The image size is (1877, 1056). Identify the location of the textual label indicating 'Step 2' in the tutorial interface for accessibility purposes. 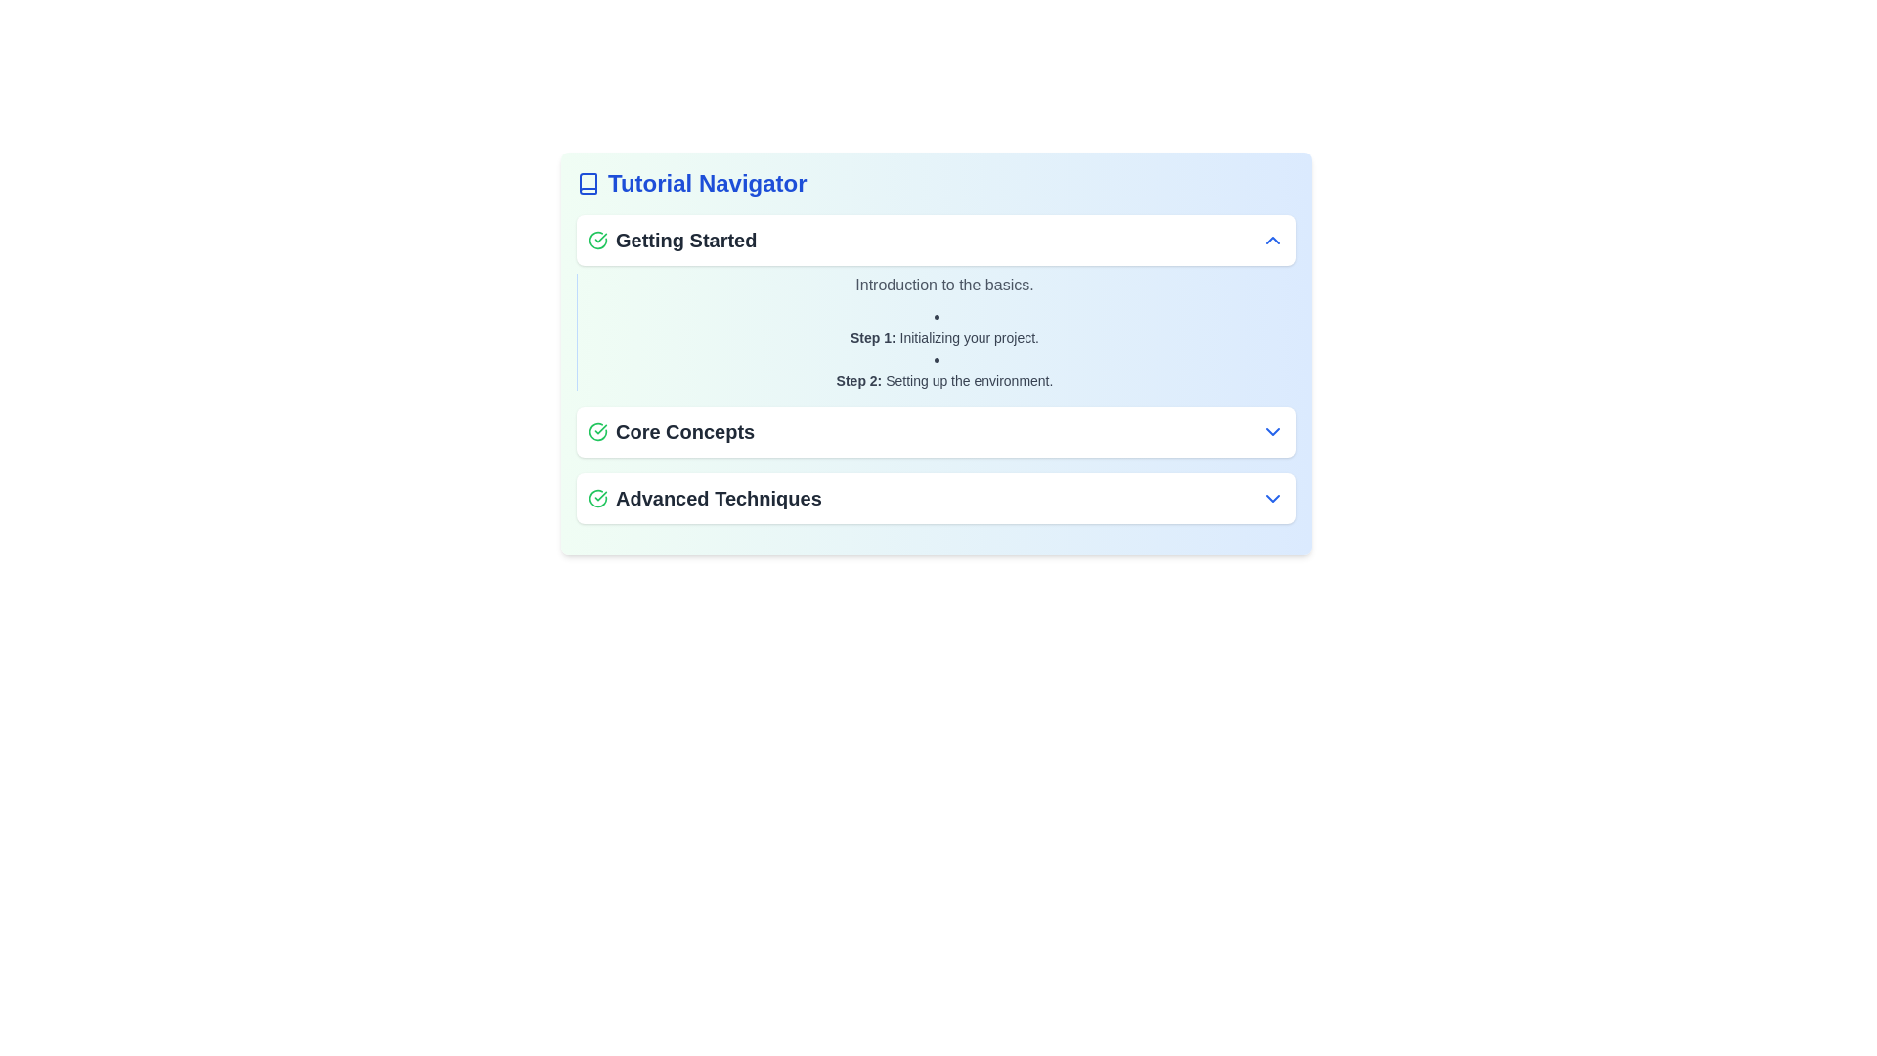
(858, 380).